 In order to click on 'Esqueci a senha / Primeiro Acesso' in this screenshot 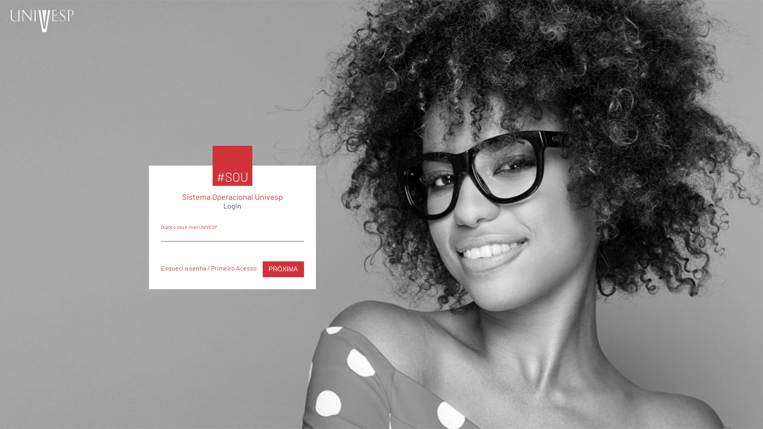, I will do `click(208, 268)`.